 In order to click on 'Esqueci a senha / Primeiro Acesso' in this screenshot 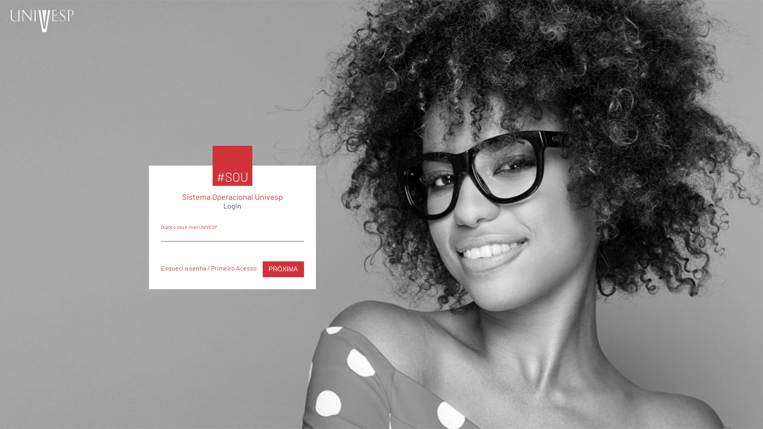, I will do `click(208, 268)`.